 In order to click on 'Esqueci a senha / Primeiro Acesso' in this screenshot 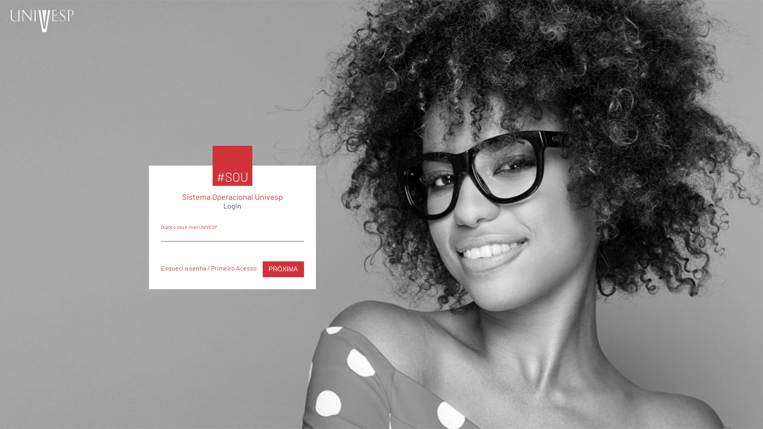, I will do `click(208, 268)`.